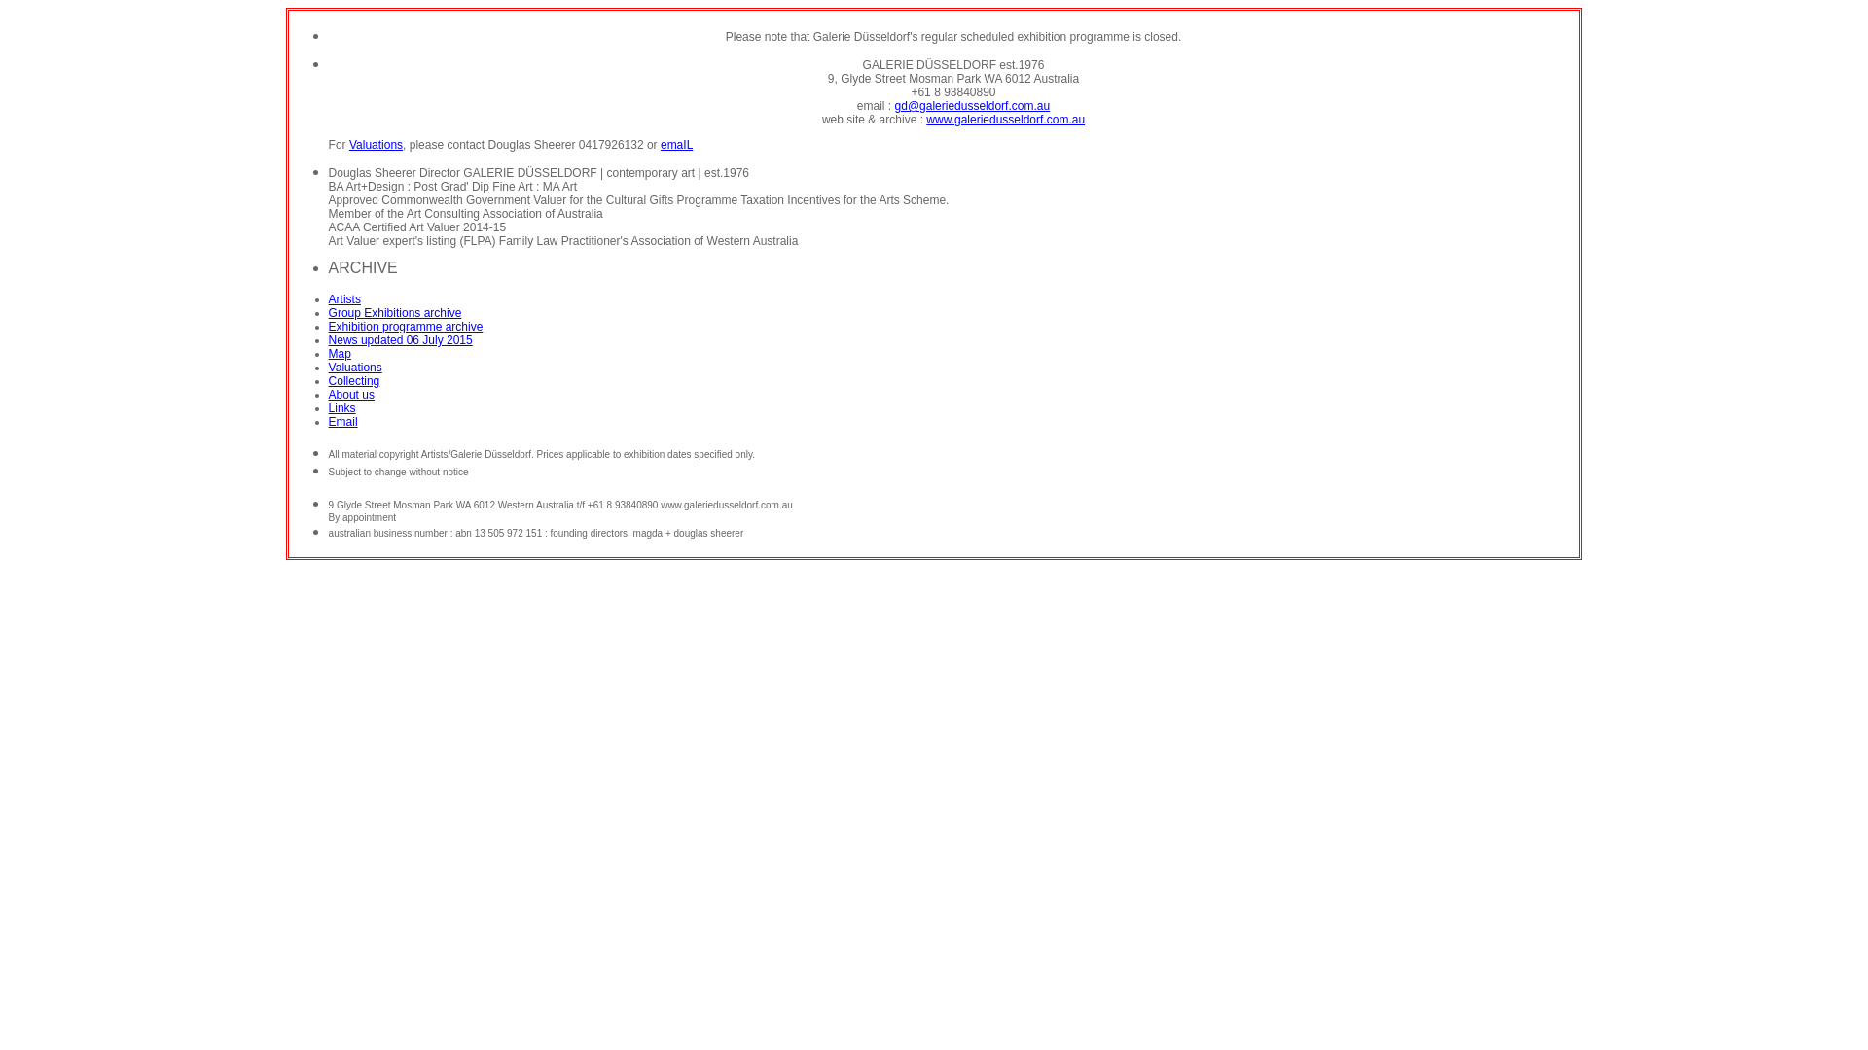 The height and width of the screenshot is (1050, 1868). What do you see at coordinates (340, 353) in the screenshot?
I see `'Map'` at bounding box center [340, 353].